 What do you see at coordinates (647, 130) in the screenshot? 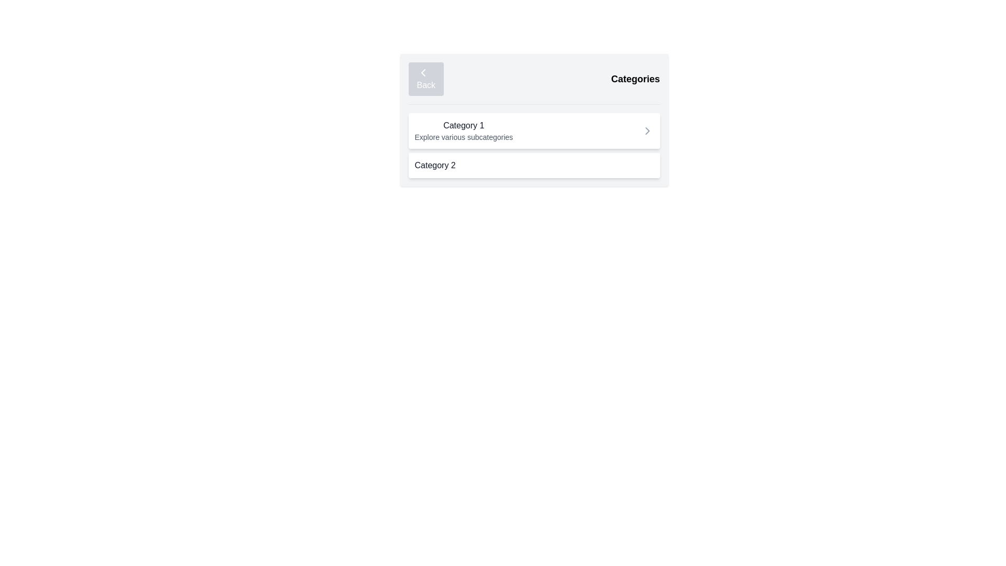
I see `the small, rightward-pointing chevron icon styled in light gray, located on the right side of the card containing 'Category 1' and 'Explore various subcategories'` at bounding box center [647, 130].